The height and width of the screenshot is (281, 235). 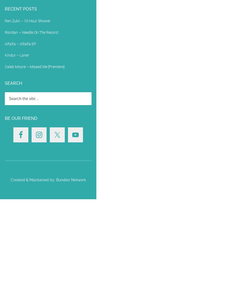 I want to click on 'Ren Zukii – 10 Hour Shower', so click(x=27, y=21).